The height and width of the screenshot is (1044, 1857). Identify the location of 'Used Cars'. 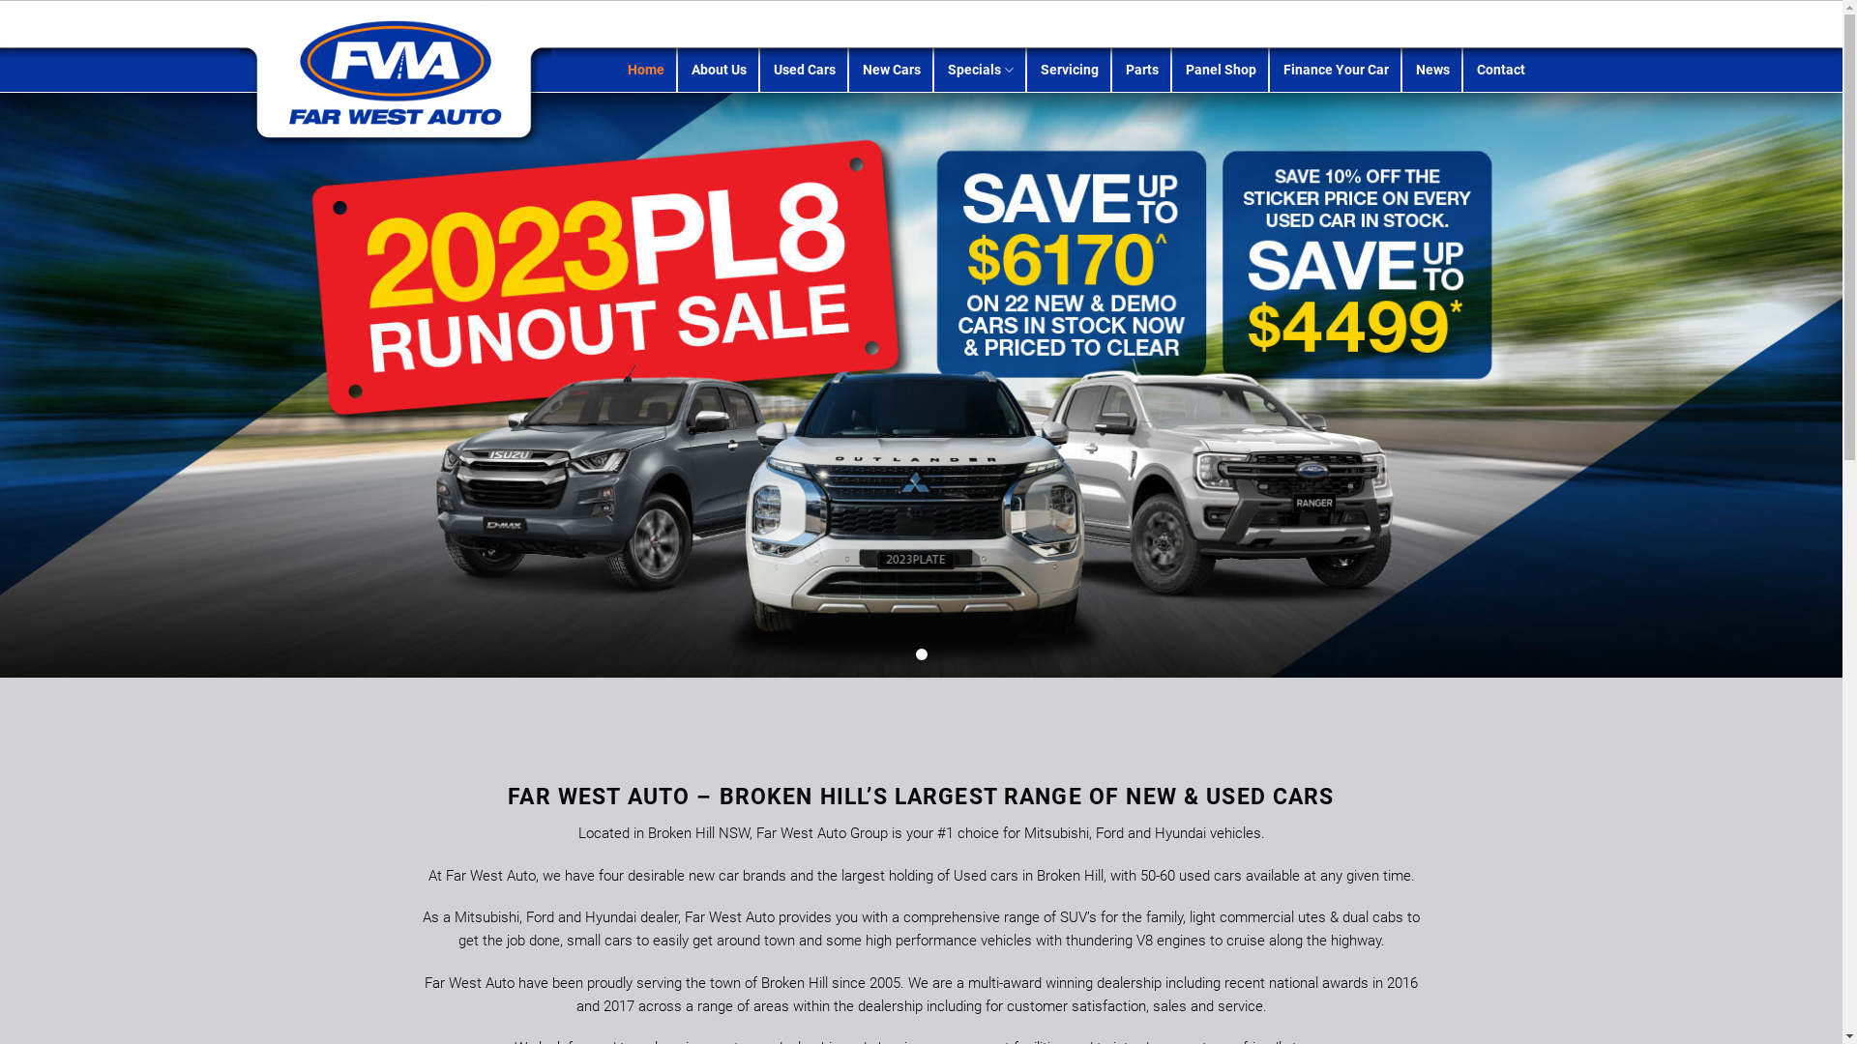
(804, 69).